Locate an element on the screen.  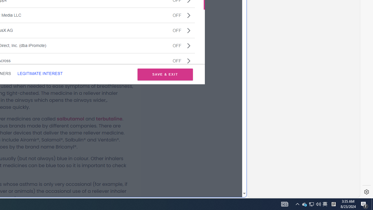
'LEGITIMATE INTEREST' is located at coordinates (40, 73).